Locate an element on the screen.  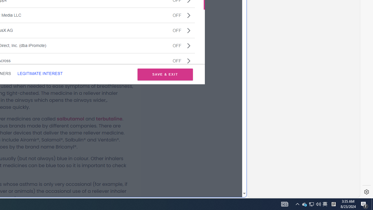
'LEGITIMATE INTEREST' is located at coordinates (40, 73).